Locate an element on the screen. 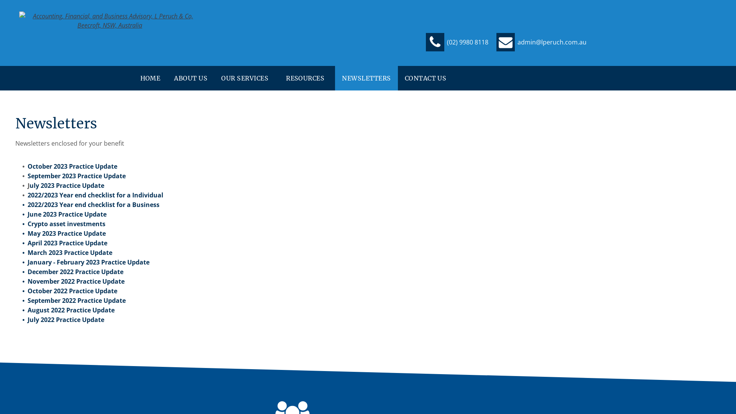 The image size is (736, 414). 'NEWSLETTERS' is located at coordinates (366, 78).